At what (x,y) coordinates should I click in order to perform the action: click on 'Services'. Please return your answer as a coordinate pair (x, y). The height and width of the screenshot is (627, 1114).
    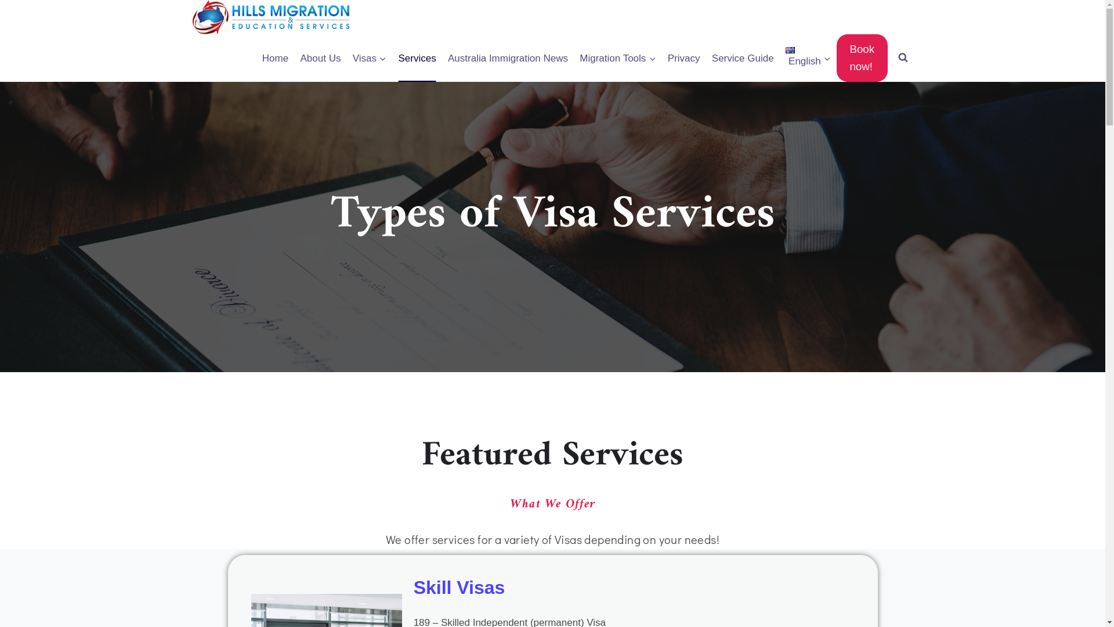
    Looking at the image, I should click on (417, 58).